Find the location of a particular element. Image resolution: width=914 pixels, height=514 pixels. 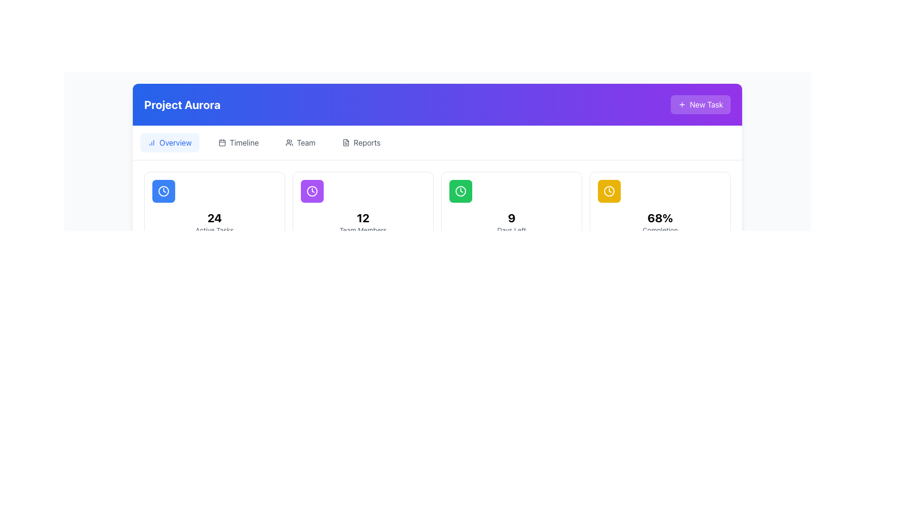

the icon located at the top-left corner of the card displaying '24 Active Tasks', positioned above the numerical value '24' is located at coordinates (164, 191).